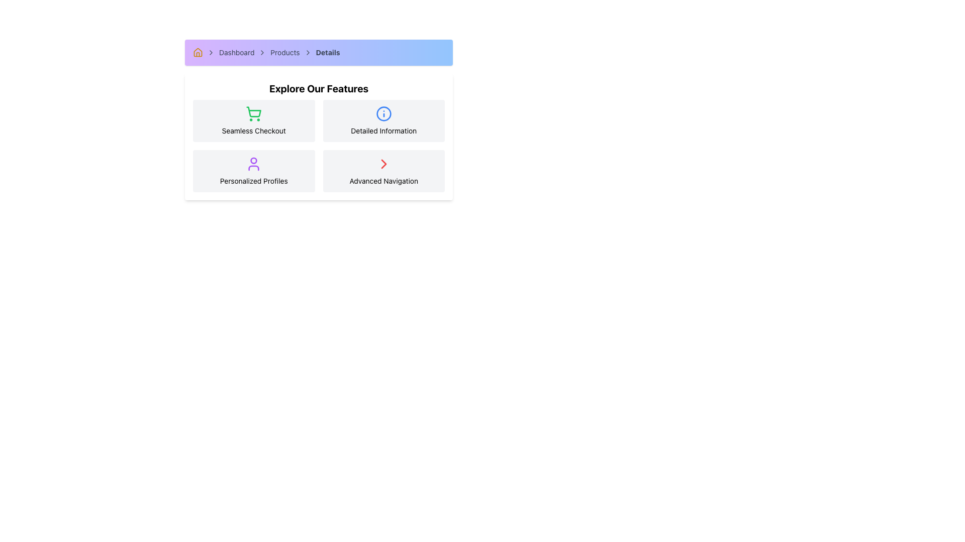 Image resolution: width=965 pixels, height=542 pixels. Describe the element at coordinates (383, 120) in the screenshot. I see `the 'Detailed Information' text in the informational card with a light gray background and a blue circular icon, which is the second card in the top row of the grid layout` at that location.